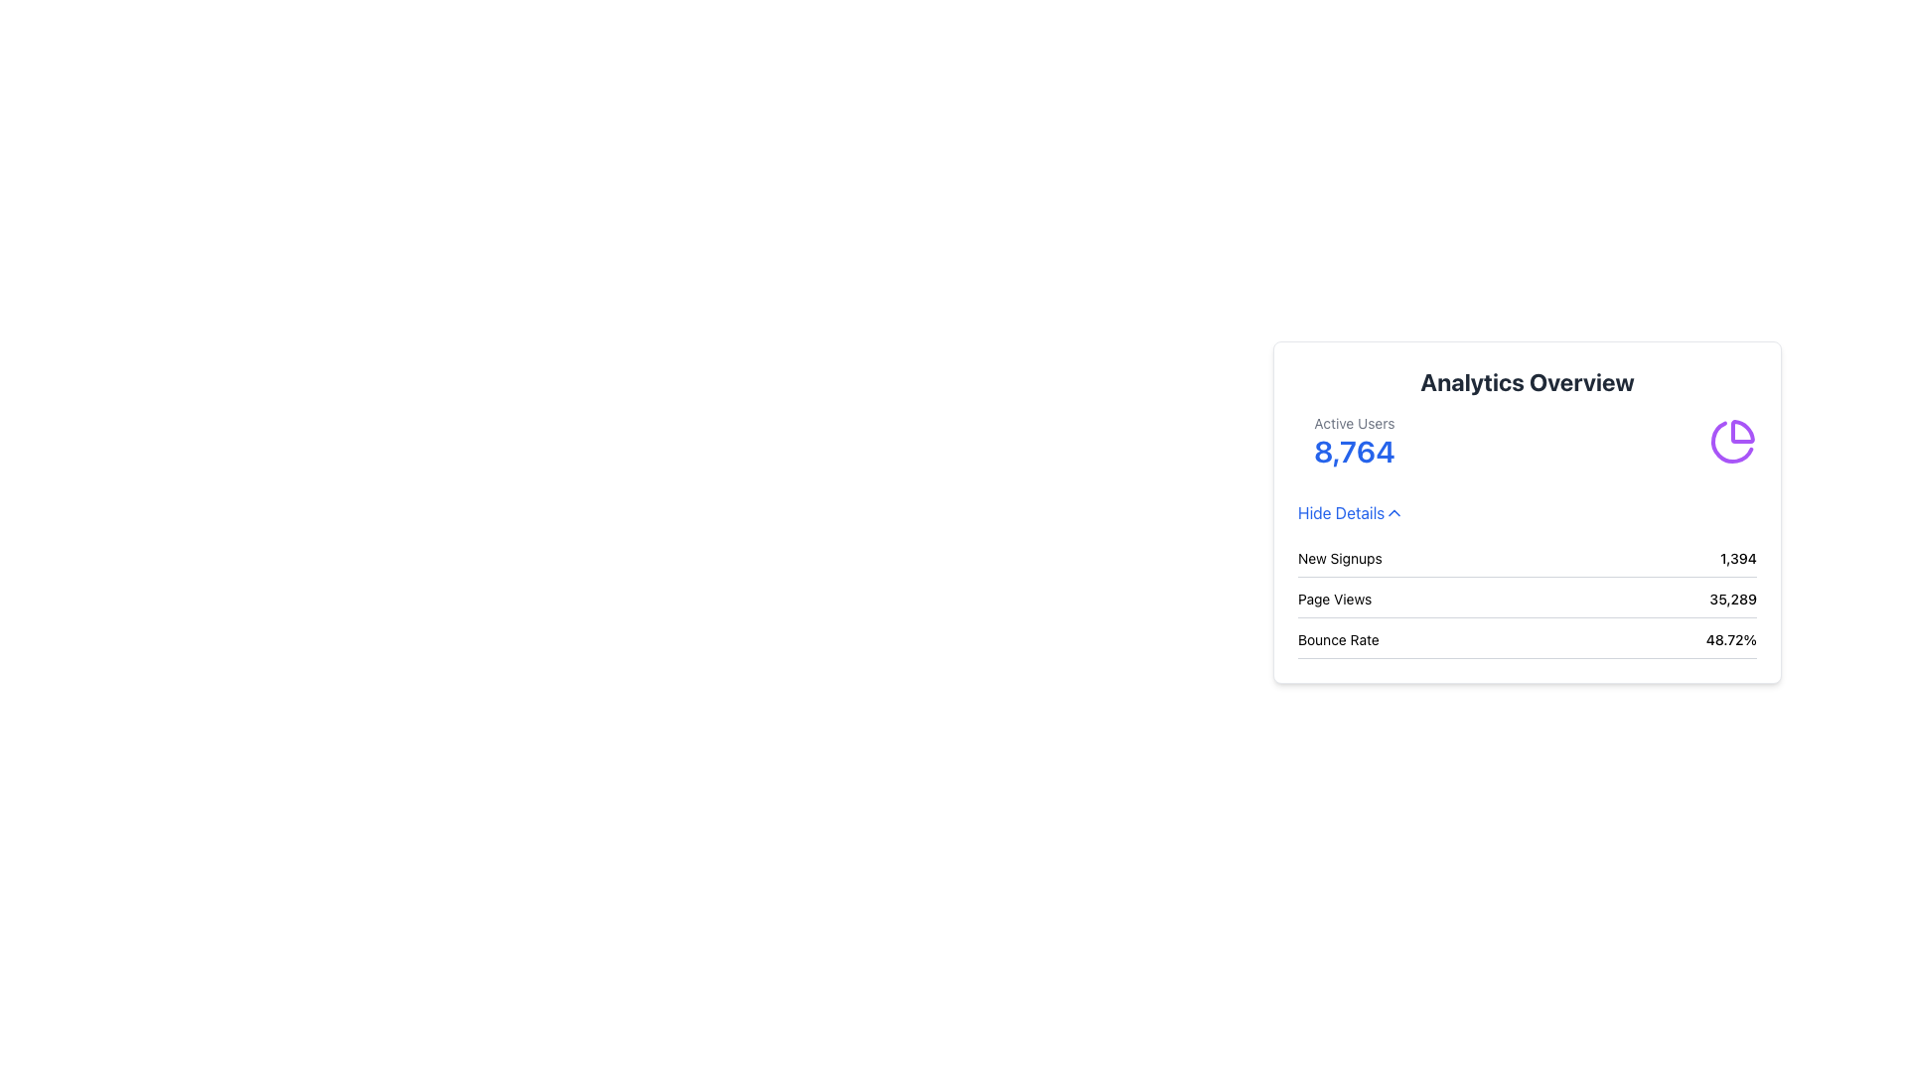  Describe the element at coordinates (1737, 559) in the screenshot. I see `the text label displaying '1,394' located at the end of the 'New Signups' row in the 'Analytics Overview' section` at that location.